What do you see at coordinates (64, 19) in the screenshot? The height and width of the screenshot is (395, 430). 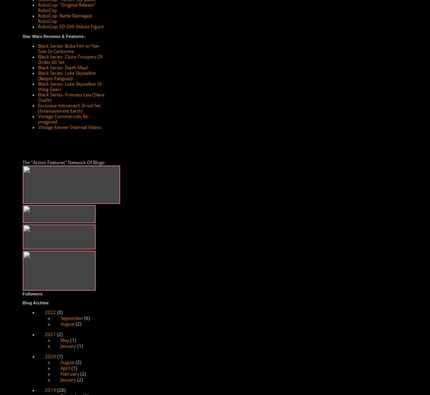 I see `'RoboCop: Battle Damaged RoboCop'` at bounding box center [64, 19].